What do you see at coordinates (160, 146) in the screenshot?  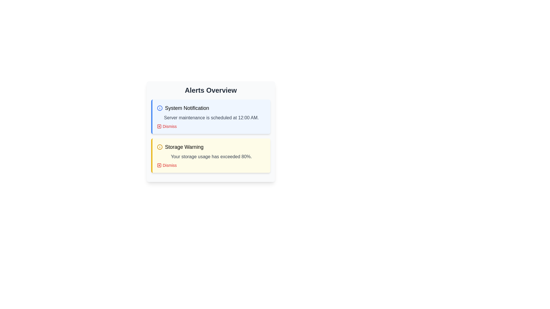 I see `the informational alert icon located to the left of the 'Storage Warning' text in the 'Alerts Overview' section, which is surrounded by a yellow background` at bounding box center [160, 146].